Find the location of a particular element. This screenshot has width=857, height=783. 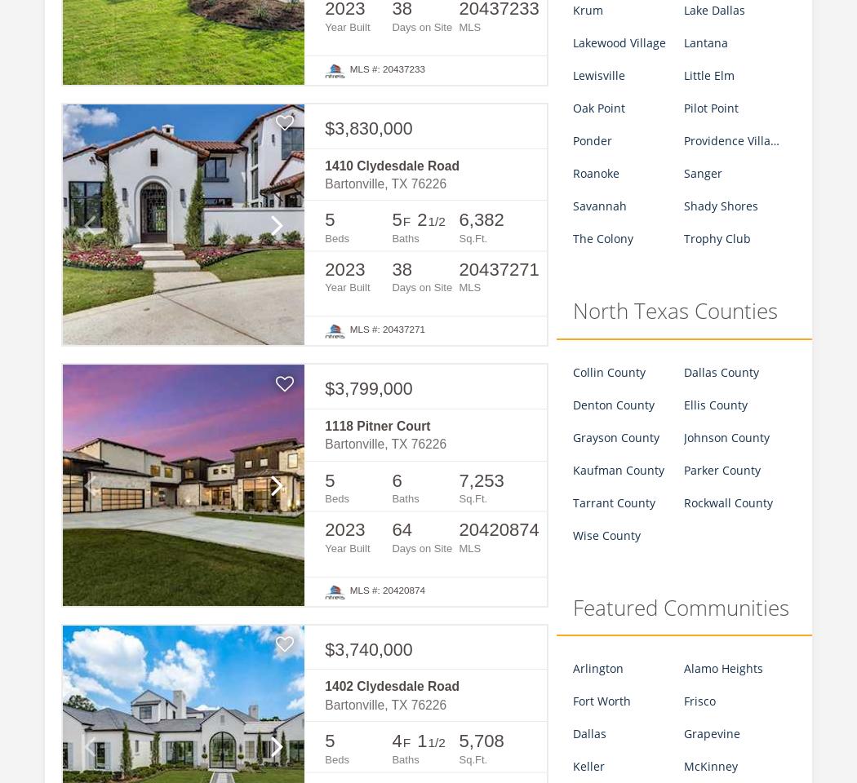

'Oak Point' is located at coordinates (597, 107).